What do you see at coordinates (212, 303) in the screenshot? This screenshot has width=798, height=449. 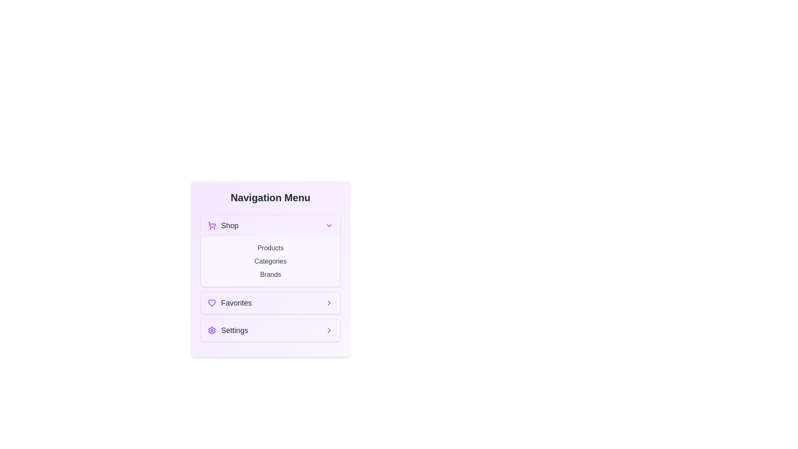 I see `the heart icon element styled in purple, which serves as a 'Favorites' marker located in the navigation menu next to the 'Favorites' label` at bounding box center [212, 303].